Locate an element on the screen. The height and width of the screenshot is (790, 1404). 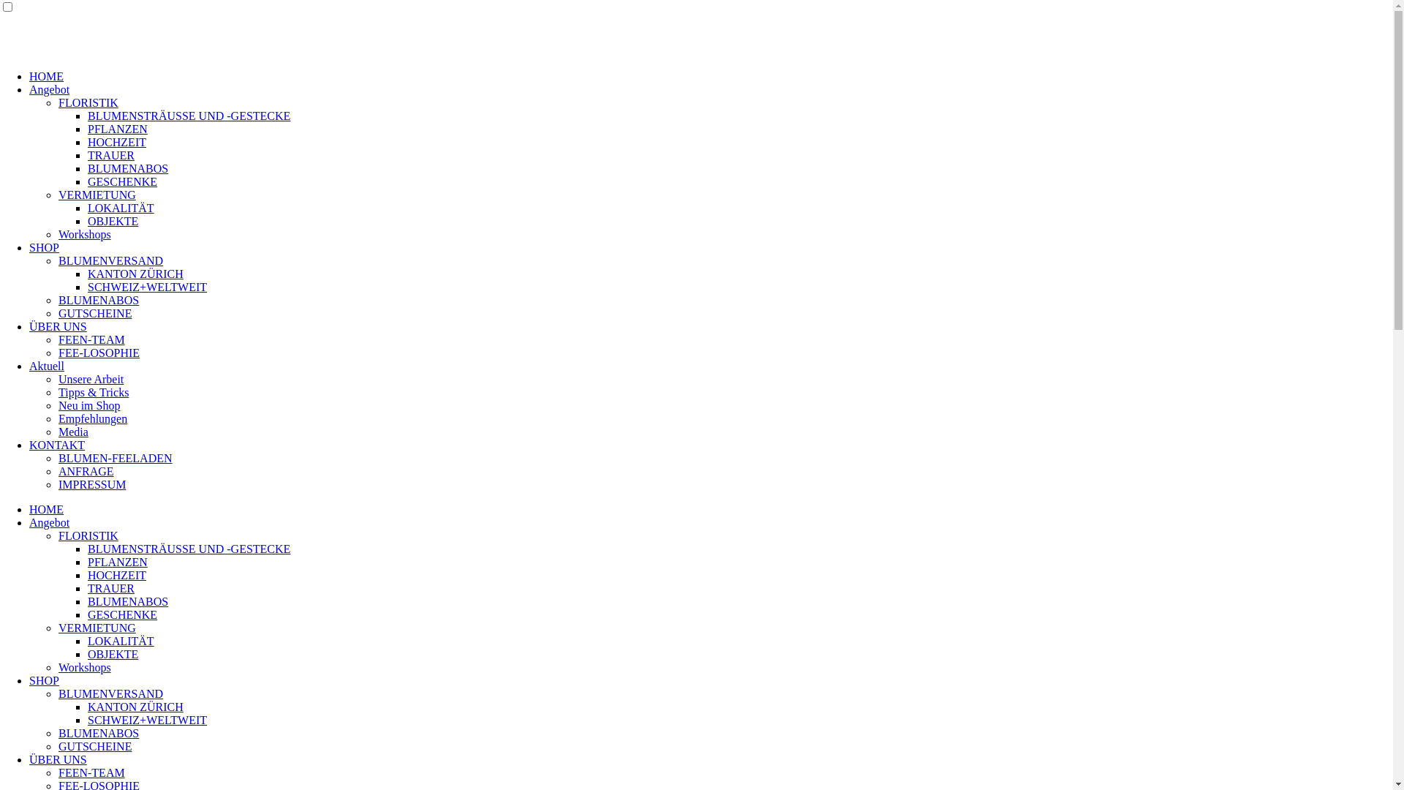
'GESCHENKE' is located at coordinates (122, 614).